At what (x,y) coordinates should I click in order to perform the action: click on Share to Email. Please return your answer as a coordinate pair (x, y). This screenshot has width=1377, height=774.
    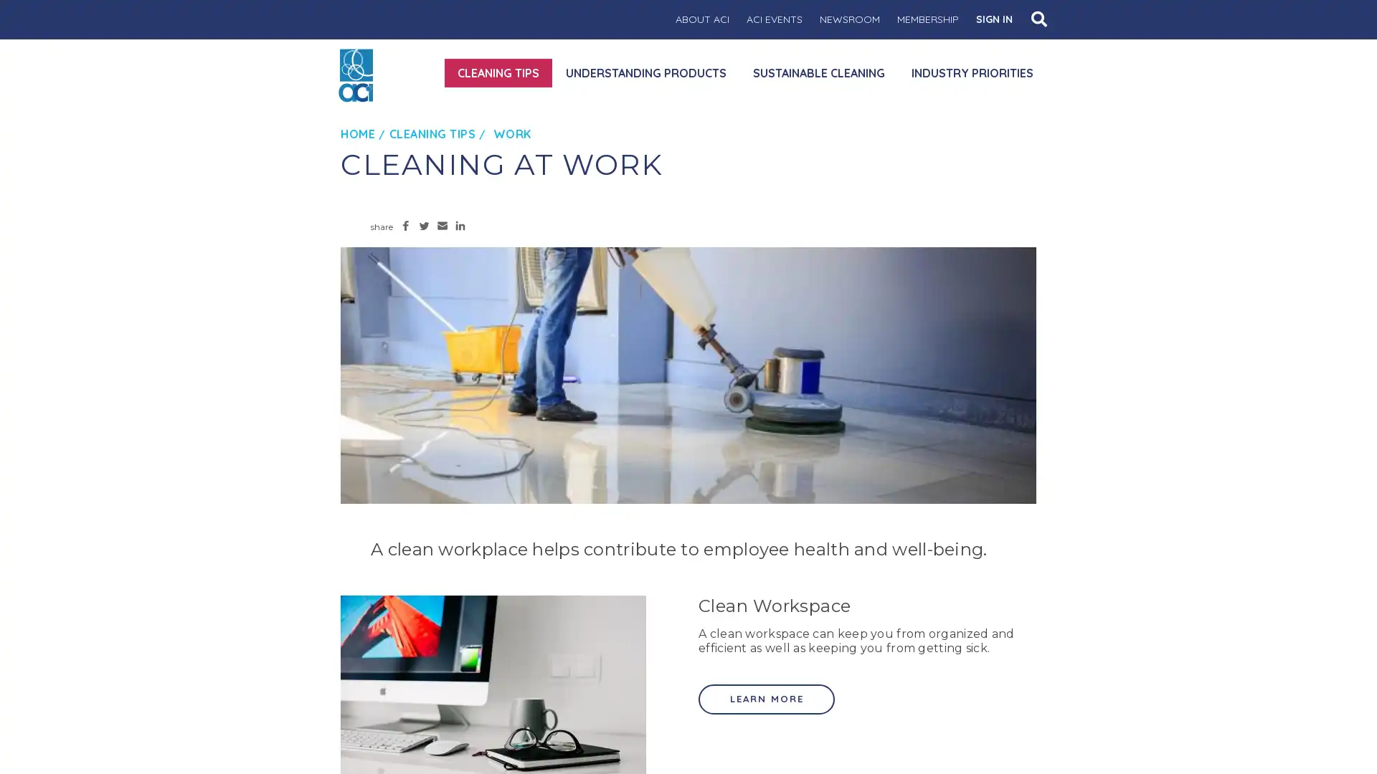
    Looking at the image, I should click on (439, 226).